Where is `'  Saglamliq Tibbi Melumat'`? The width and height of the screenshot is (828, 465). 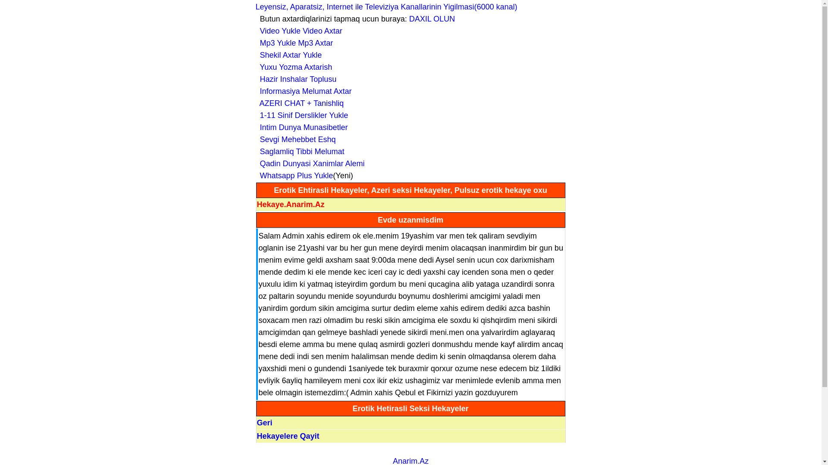 '  Saglamliq Tibbi Melumat' is located at coordinates (300, 151).